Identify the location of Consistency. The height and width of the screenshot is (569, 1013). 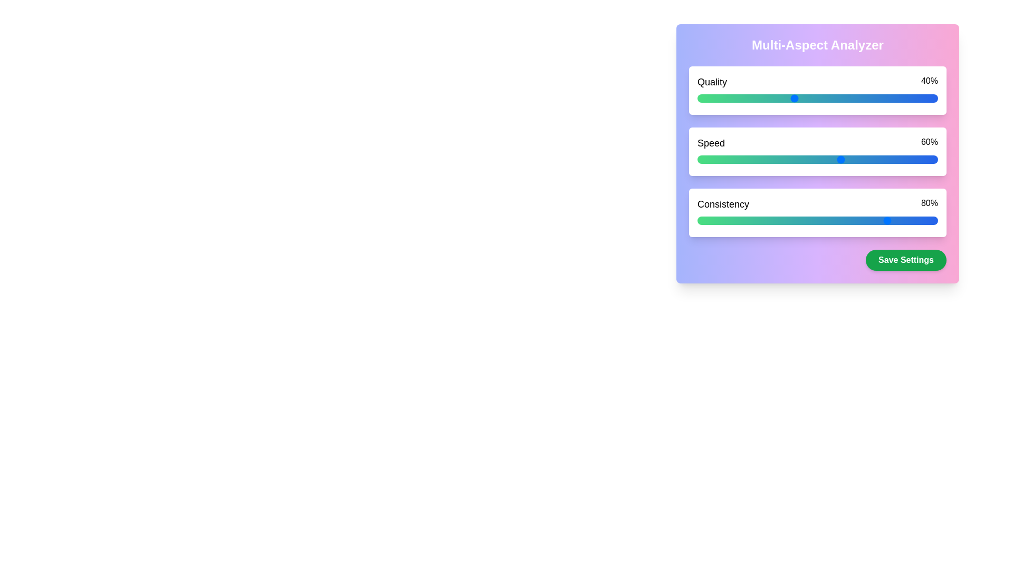
(851, 220).